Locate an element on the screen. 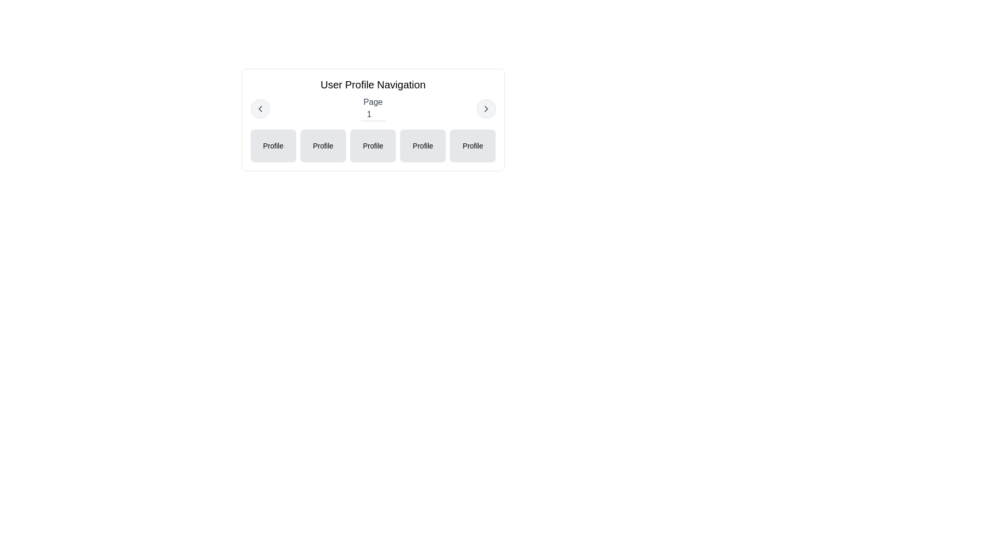 The width and height of the screenshot is (986, 555). the 'Profile' button, which is the first button in a horizontal grid of five buttons, positioned on the leftmost side is located at coordinates (273, 146).